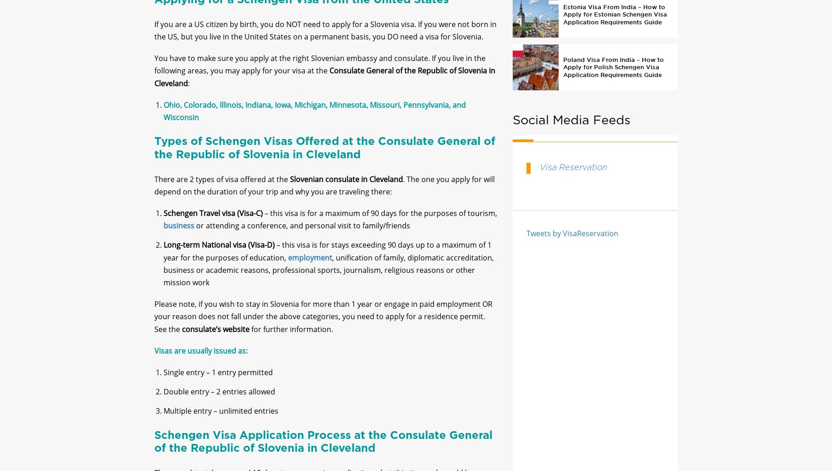 The image size is (832, 471). Describe the element at coordinates (323, 449) in the screenshot. I see `'Schengen Visa Application Process at the Consulate General of the Republic of Slovenia in Cleveland'` at that location.